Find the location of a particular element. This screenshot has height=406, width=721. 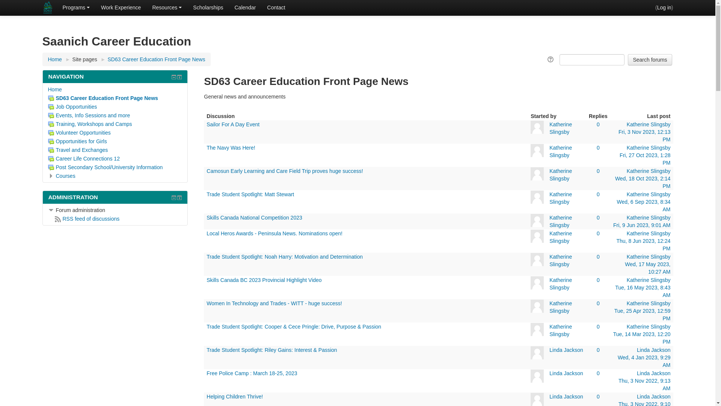

'Katherine Slingsby' is located at coordinates (560, 127).